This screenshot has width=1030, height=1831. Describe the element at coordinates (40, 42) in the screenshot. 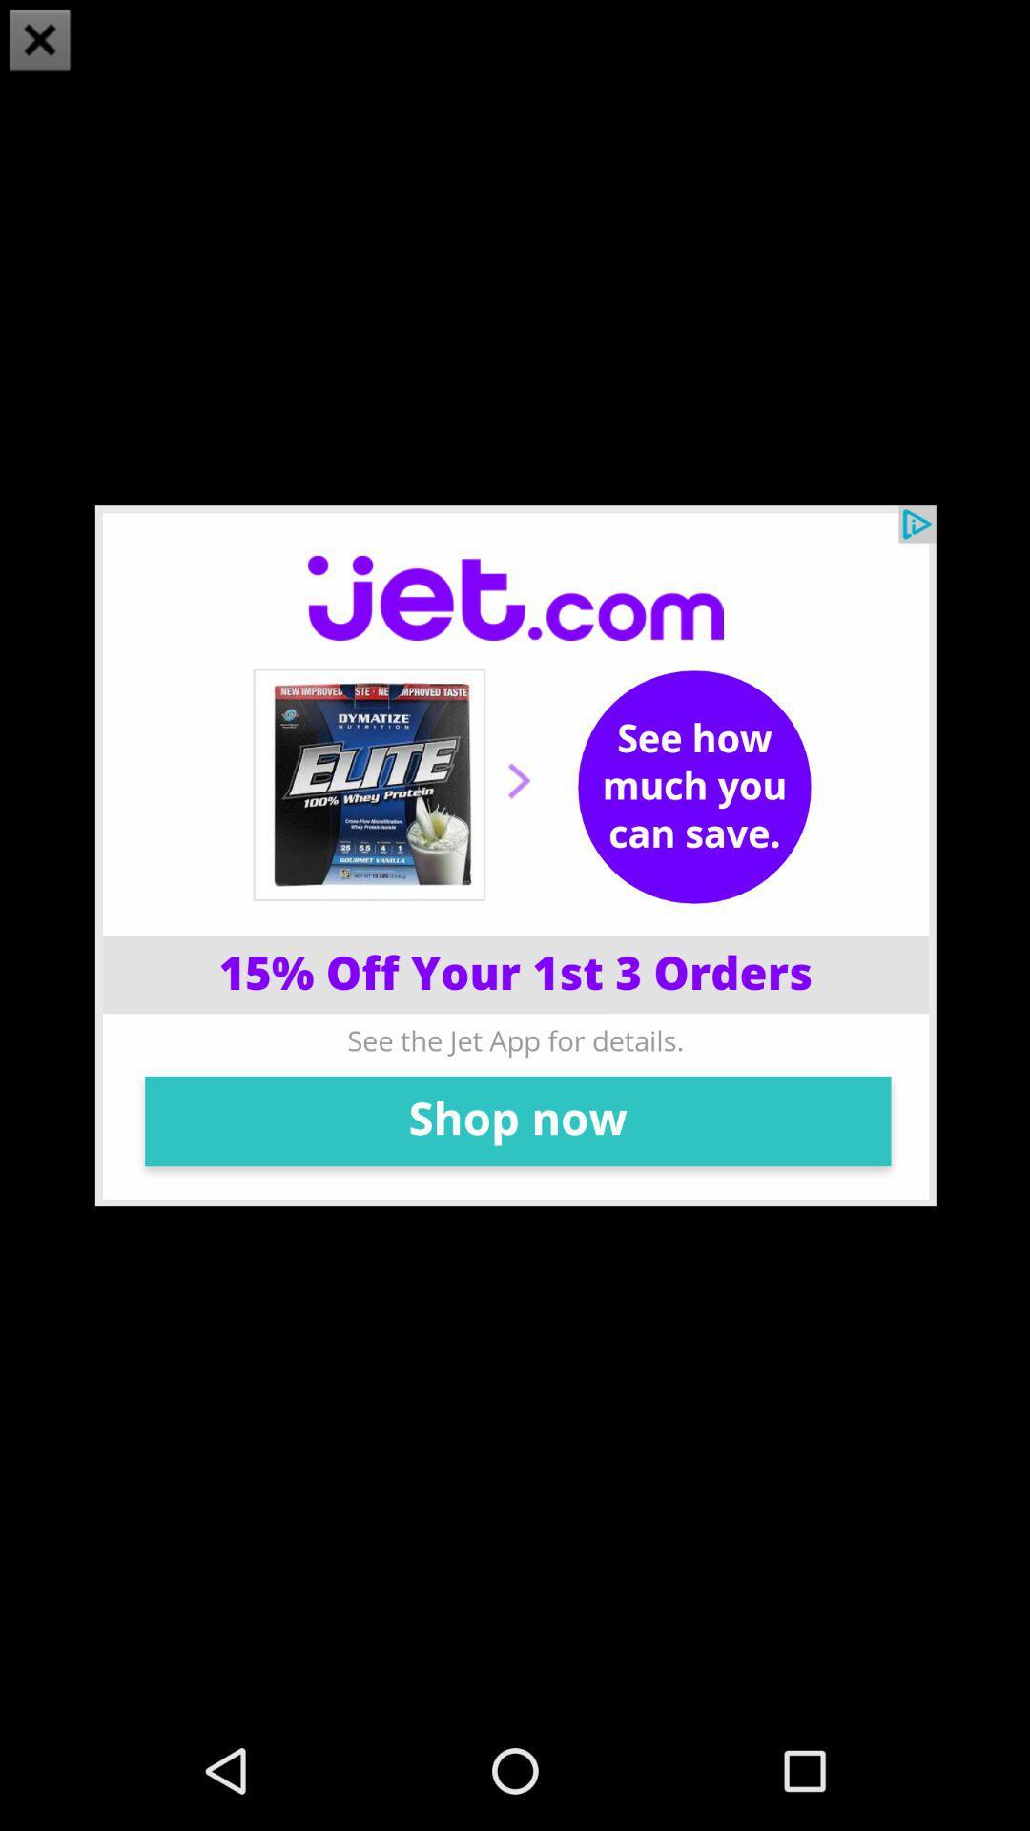

I see `the close icon` at that location.